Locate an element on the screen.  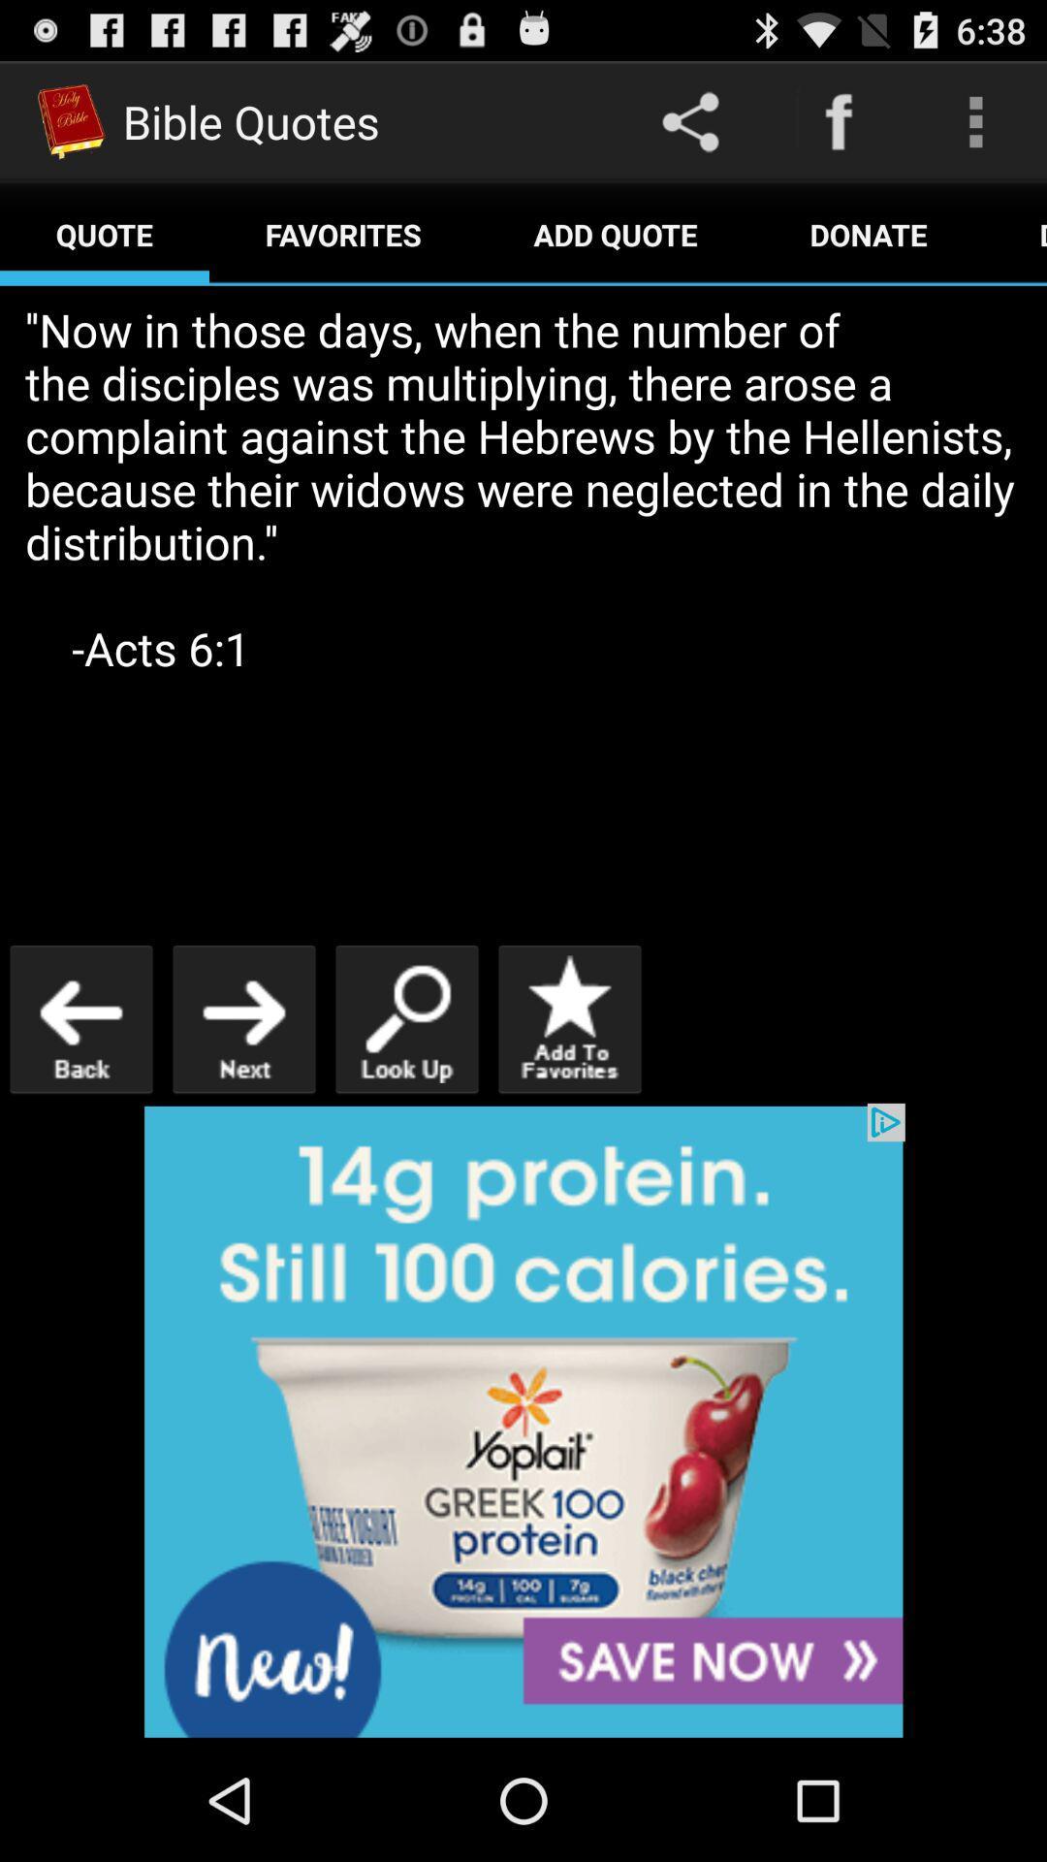
the search icon is located at coordinates (406, 1090).